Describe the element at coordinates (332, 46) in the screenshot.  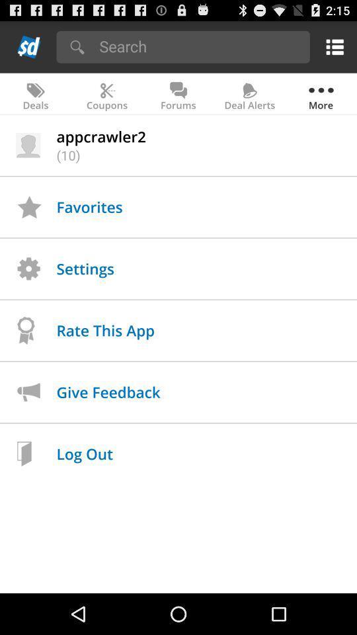
I see `settings` at that location.